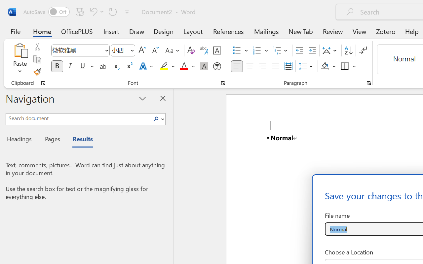 The width and height of the screenshot is (423, 264). Describe the element at coordinates (43, 83) in the screenshot. I see `'Office Clipboard...'` at that location.